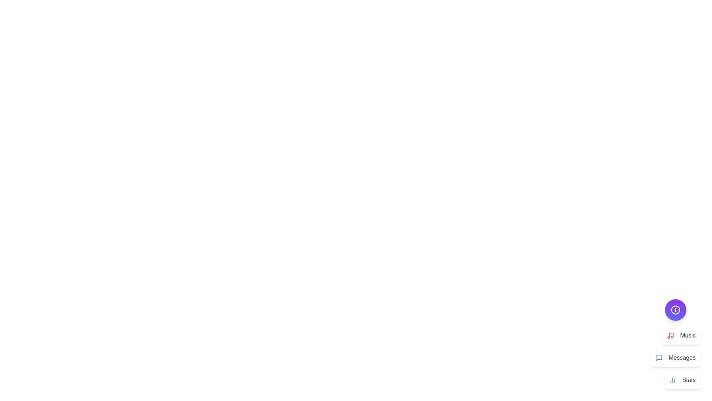  Describe the element at coordinates (675, 358) in the screenshot. I see `the 'Messages' action button` at that location.